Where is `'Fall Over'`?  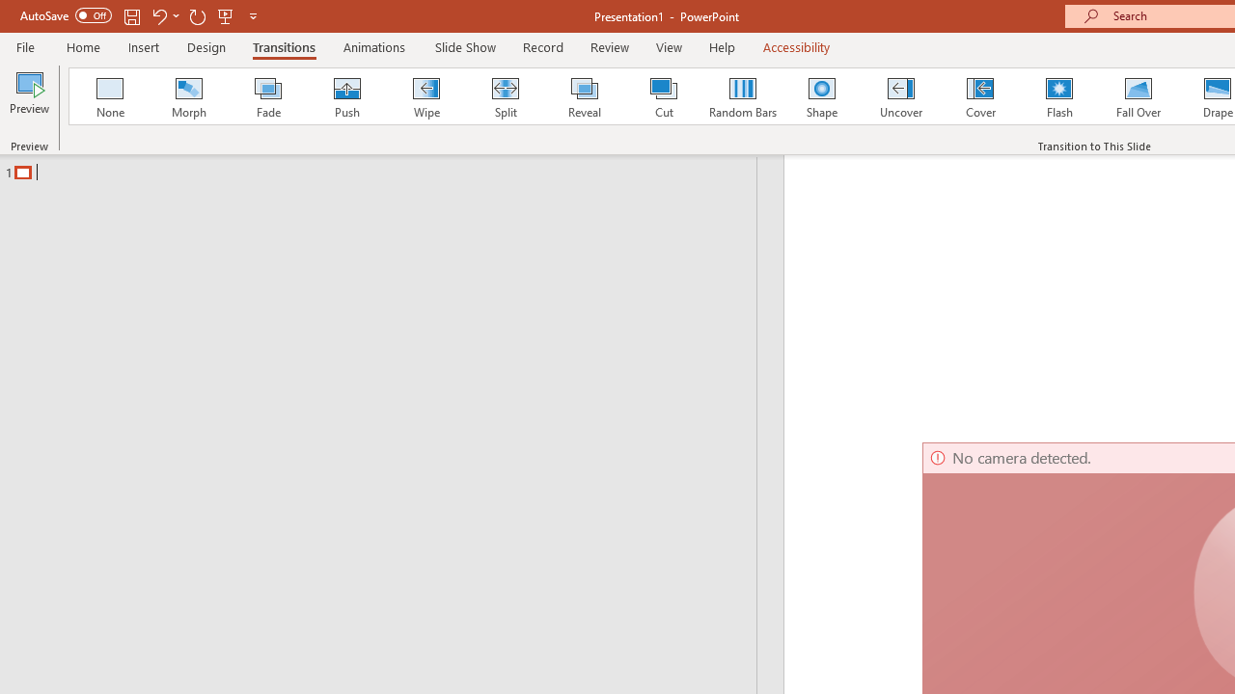 'Fall Over' is located at coordinates (1139, 96).